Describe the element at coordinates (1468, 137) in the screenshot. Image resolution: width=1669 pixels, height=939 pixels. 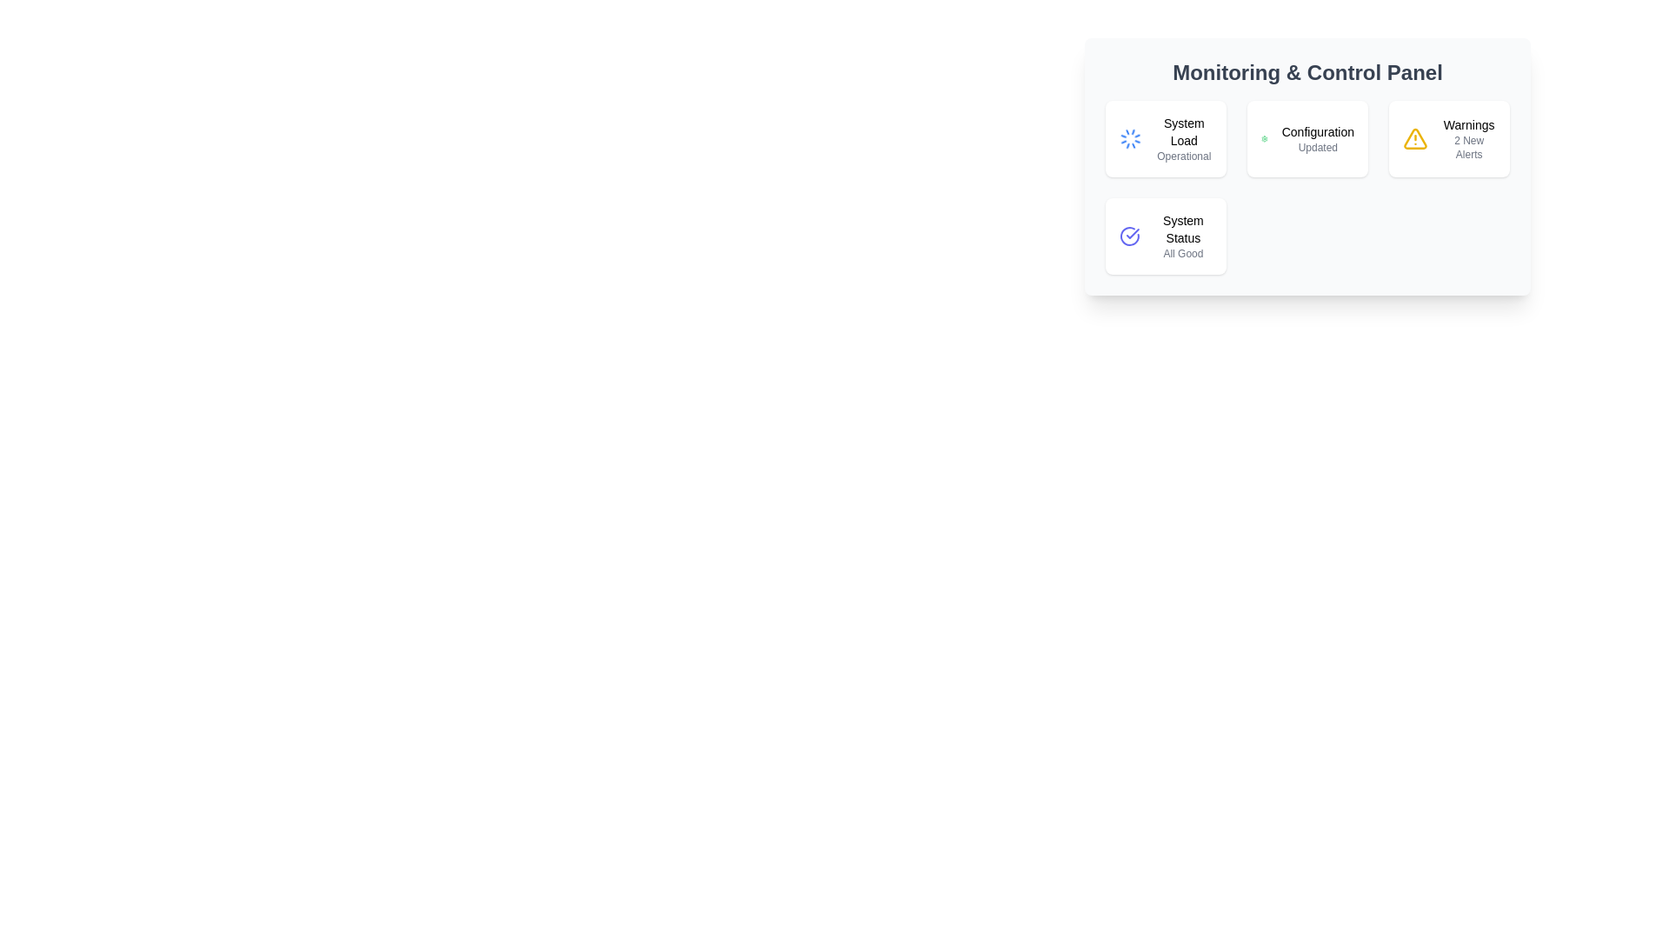
I see `the Notification indicator indicating 2 new alerts in the top-right corner of the interface under the 'Monitoring & Control Panel' section` at that location.